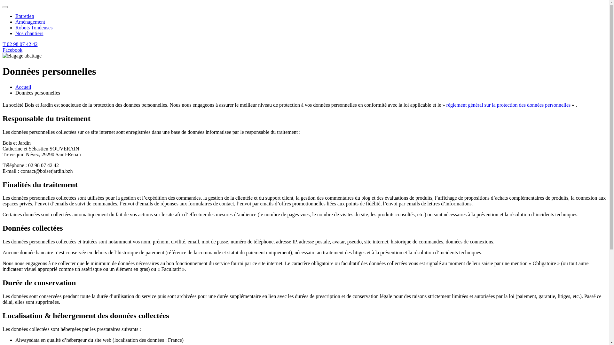 The image size is (614, 345). What do you see at coordinates (15, 33) in the screenshot?
I see `'Nos chantiers'` at bounding box center [15, 33].